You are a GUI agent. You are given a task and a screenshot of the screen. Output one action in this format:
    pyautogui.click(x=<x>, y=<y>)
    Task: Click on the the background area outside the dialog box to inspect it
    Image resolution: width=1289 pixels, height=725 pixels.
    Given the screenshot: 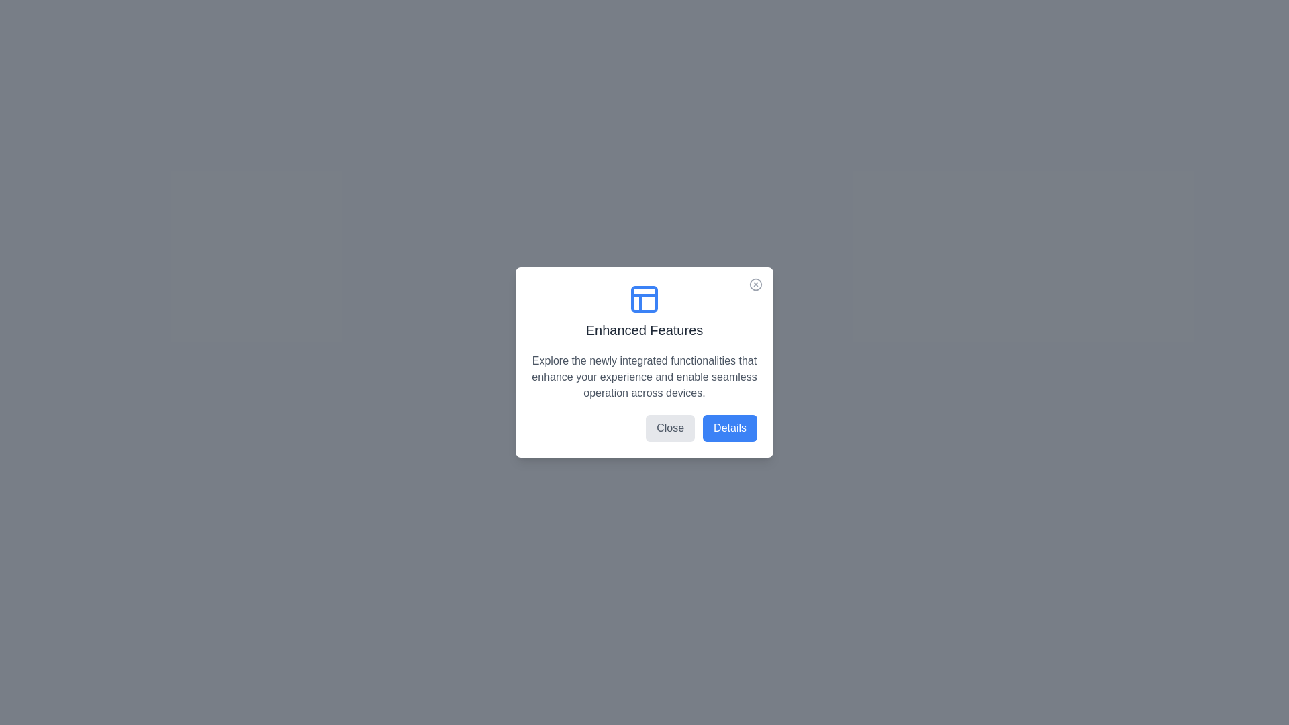 What is the action you would take?
    pyautogui.click(x=66, y=67)
    